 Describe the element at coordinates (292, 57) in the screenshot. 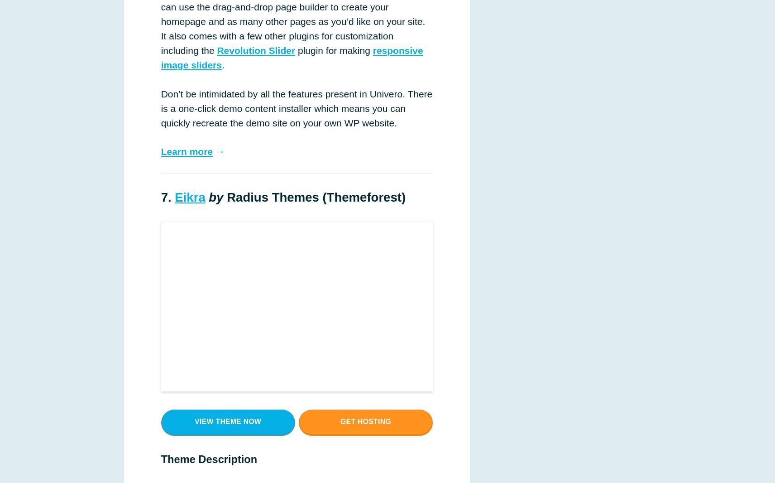

I see `'responsive image sliders'` at that location.